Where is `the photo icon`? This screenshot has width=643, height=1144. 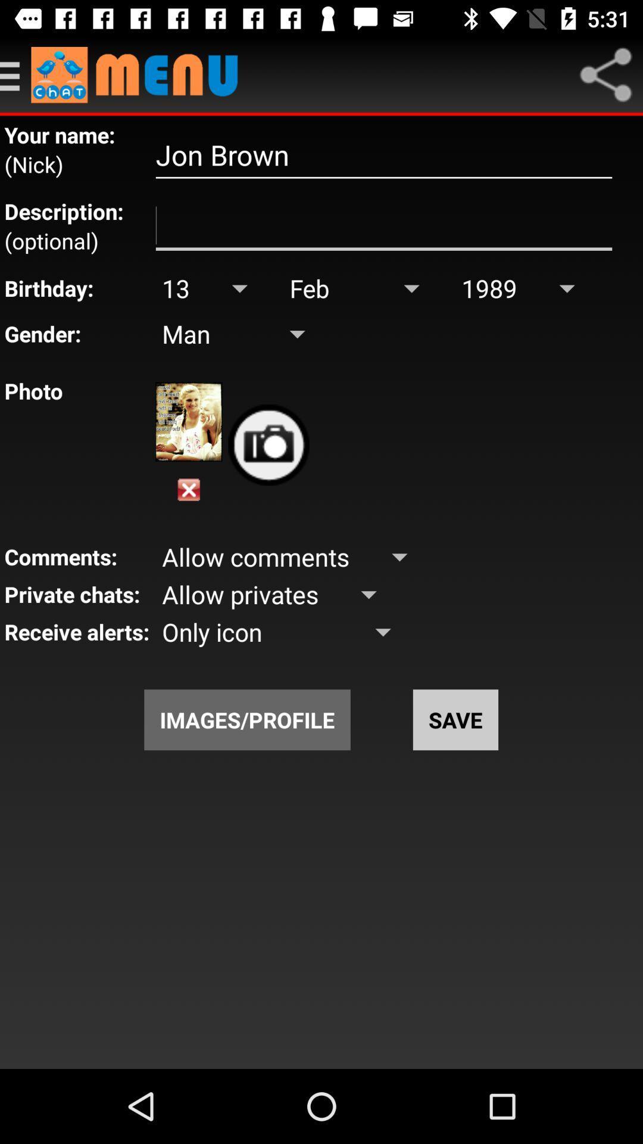 the photo icon is located at coordinates (269, 444).